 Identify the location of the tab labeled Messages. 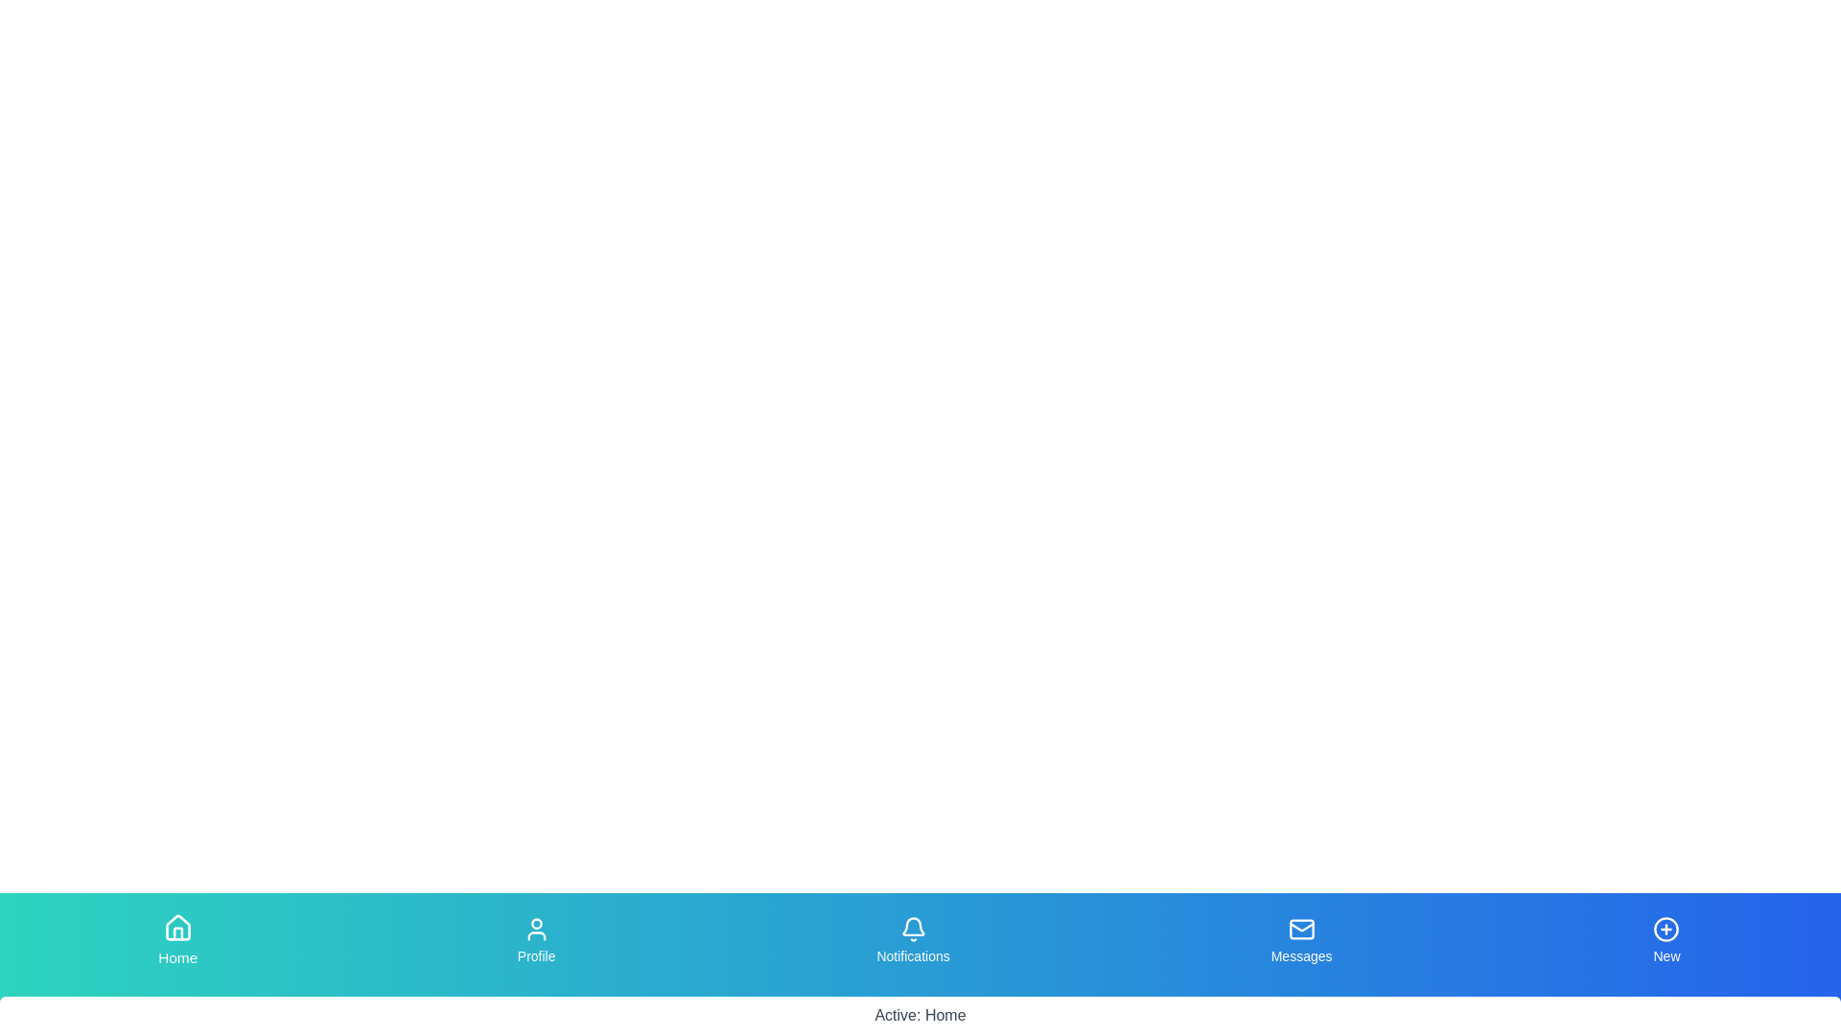
(1302, 940).